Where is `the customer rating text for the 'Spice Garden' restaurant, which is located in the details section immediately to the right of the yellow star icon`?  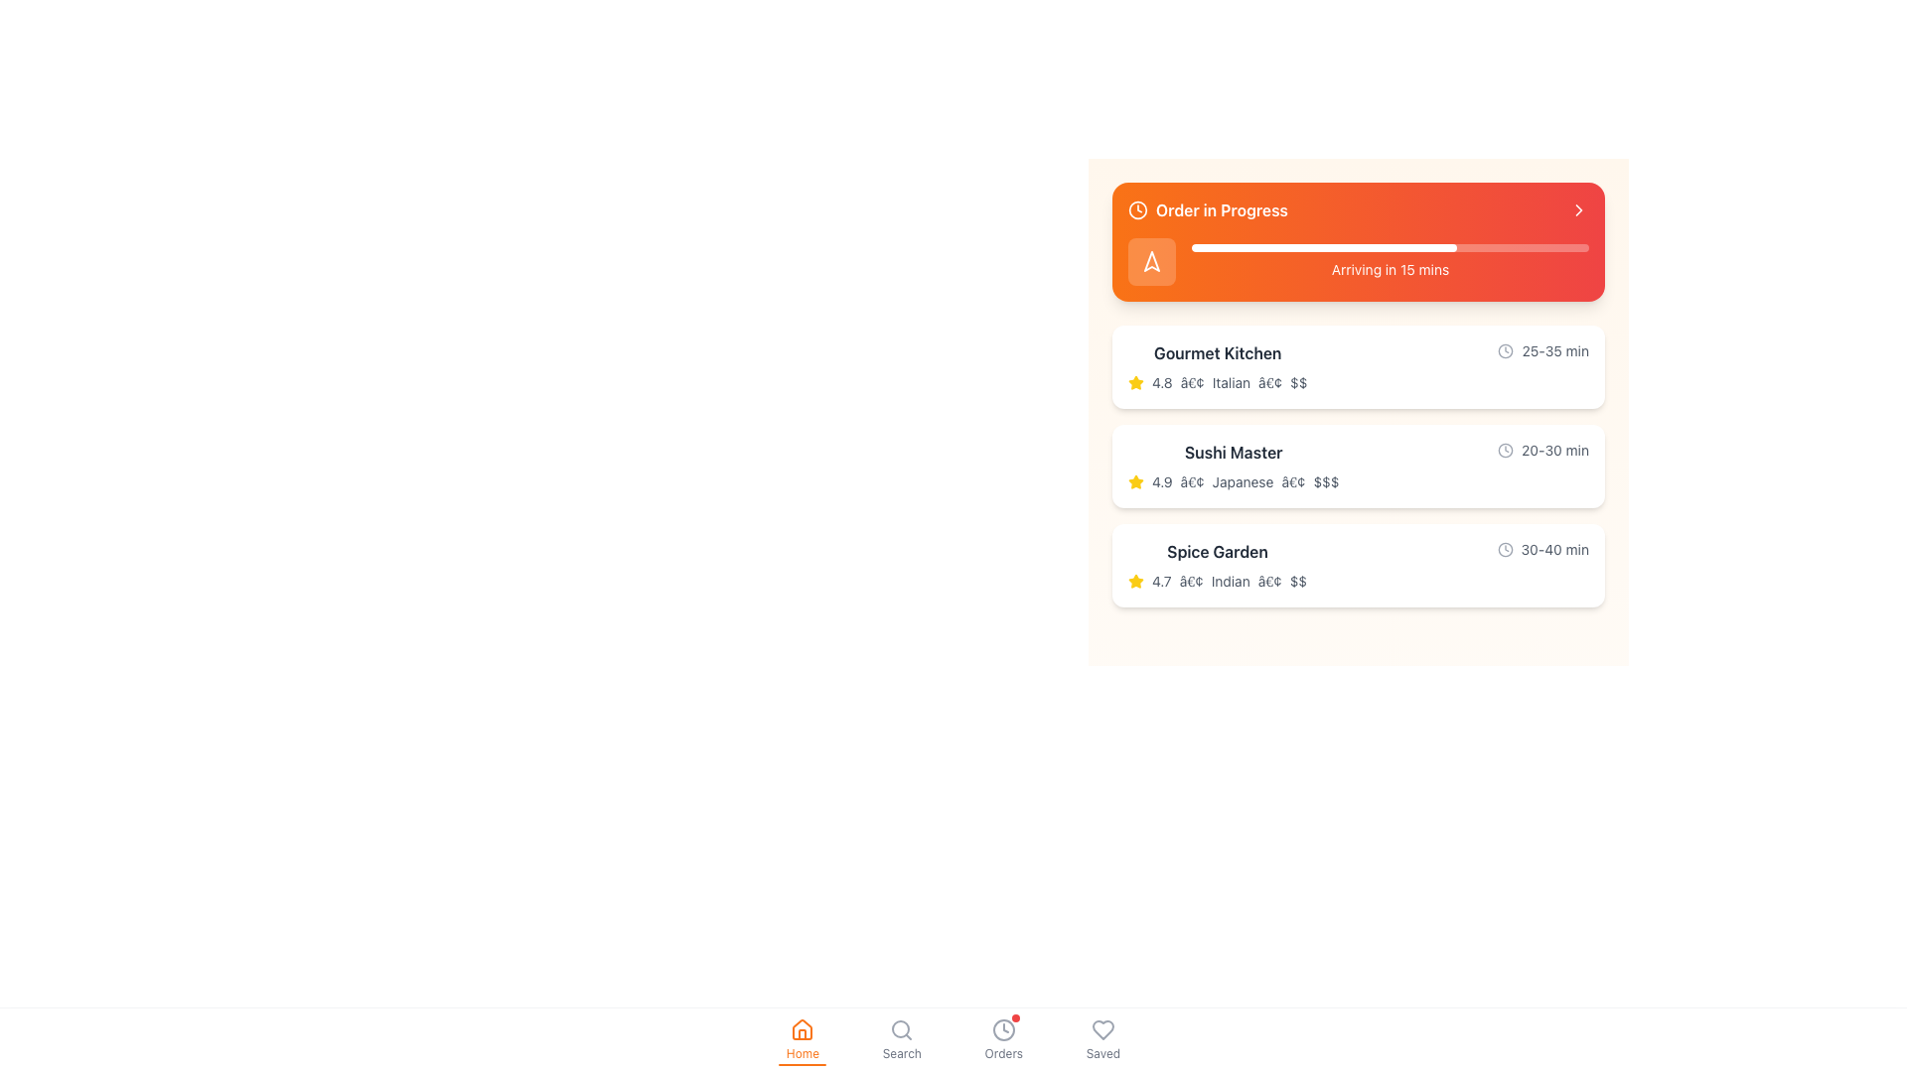
the customer rating text for the 'Spice Garden' restaurant, which is located in the details section immediately to the right of the yellow star icon is located at coordinates (1161, 581).